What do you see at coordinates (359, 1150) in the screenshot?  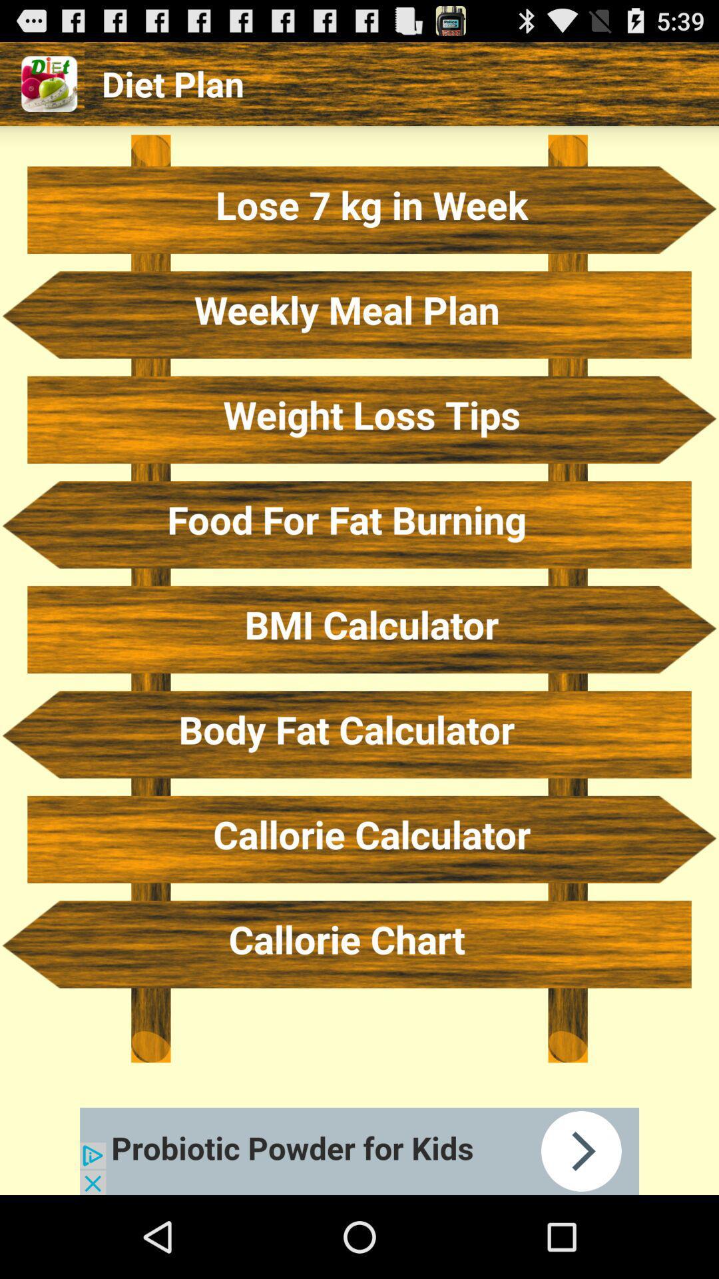 I see `next user` at bounding box center [359, 1150].